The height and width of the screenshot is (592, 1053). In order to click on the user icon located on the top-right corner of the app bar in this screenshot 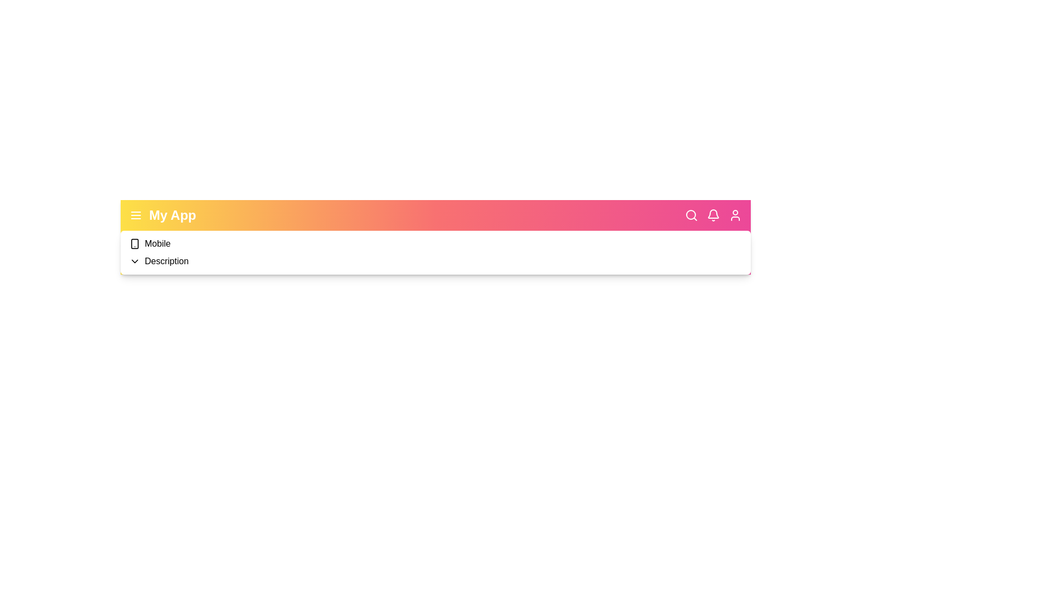, I will do `click(735, 215)`.